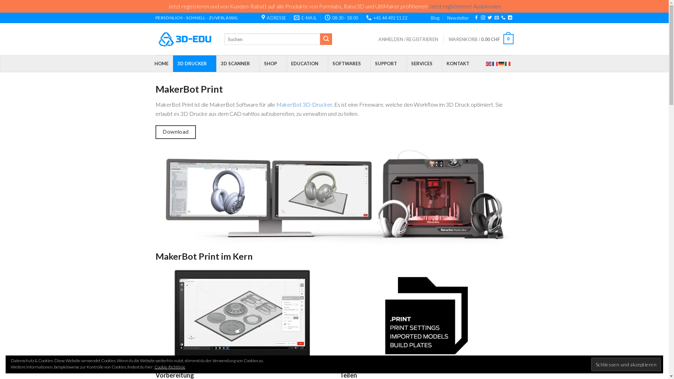  I want to click on 'E-MAIL', so click(305, 17).